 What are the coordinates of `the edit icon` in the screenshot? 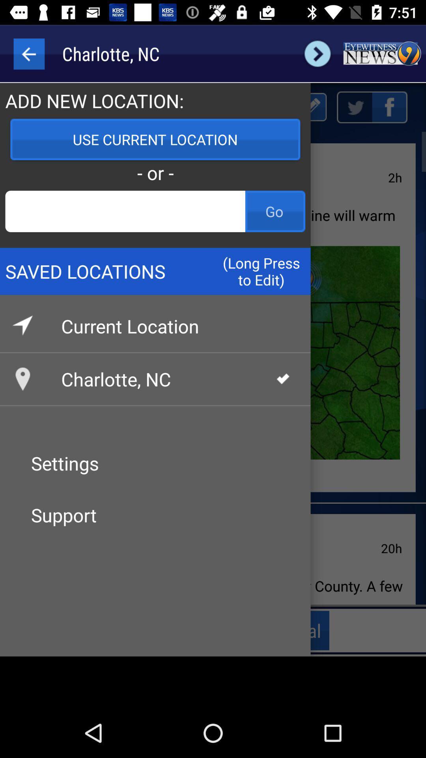 It's located at (310, 107).